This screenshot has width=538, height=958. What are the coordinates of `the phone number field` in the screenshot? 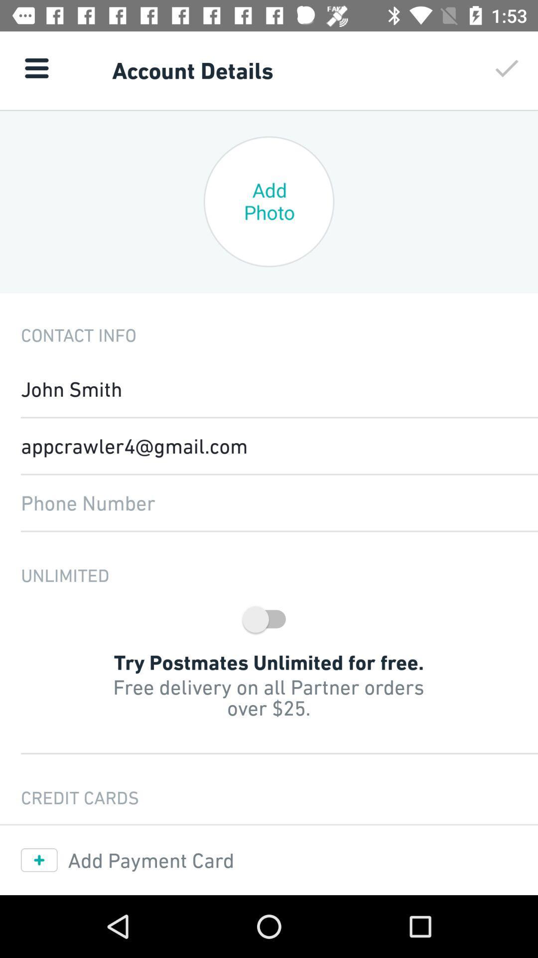 It's located at (269, 503).